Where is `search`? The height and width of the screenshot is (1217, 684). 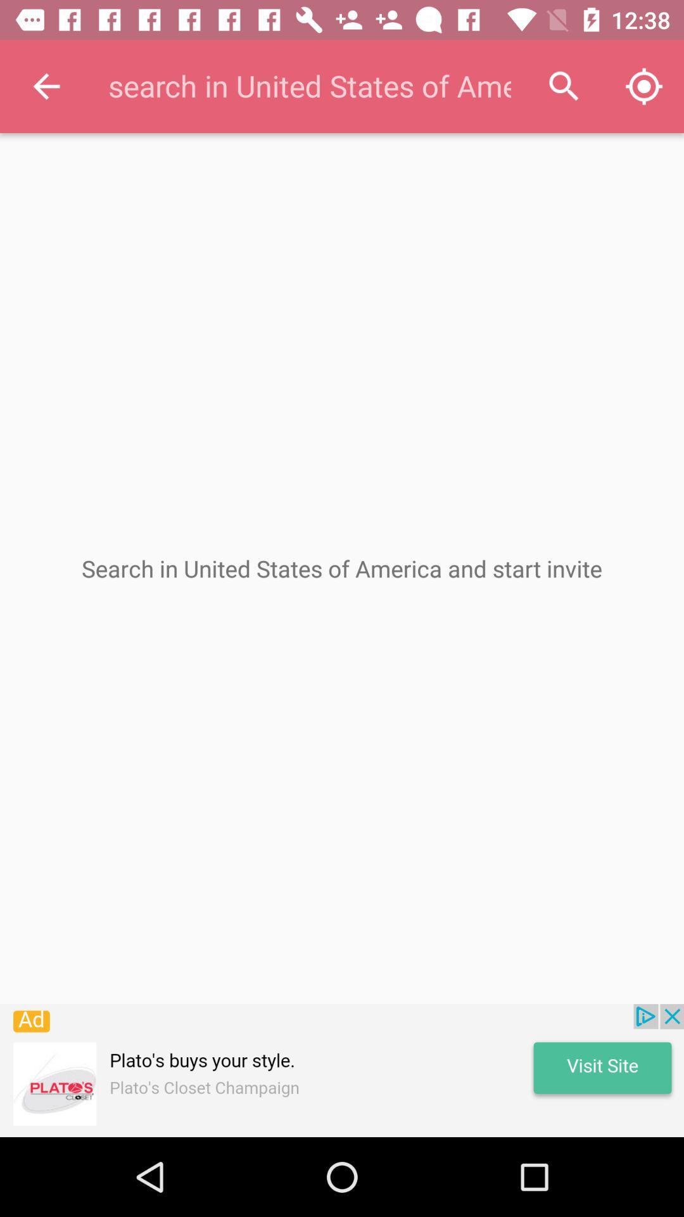 search is located at coordinates (308, 86).